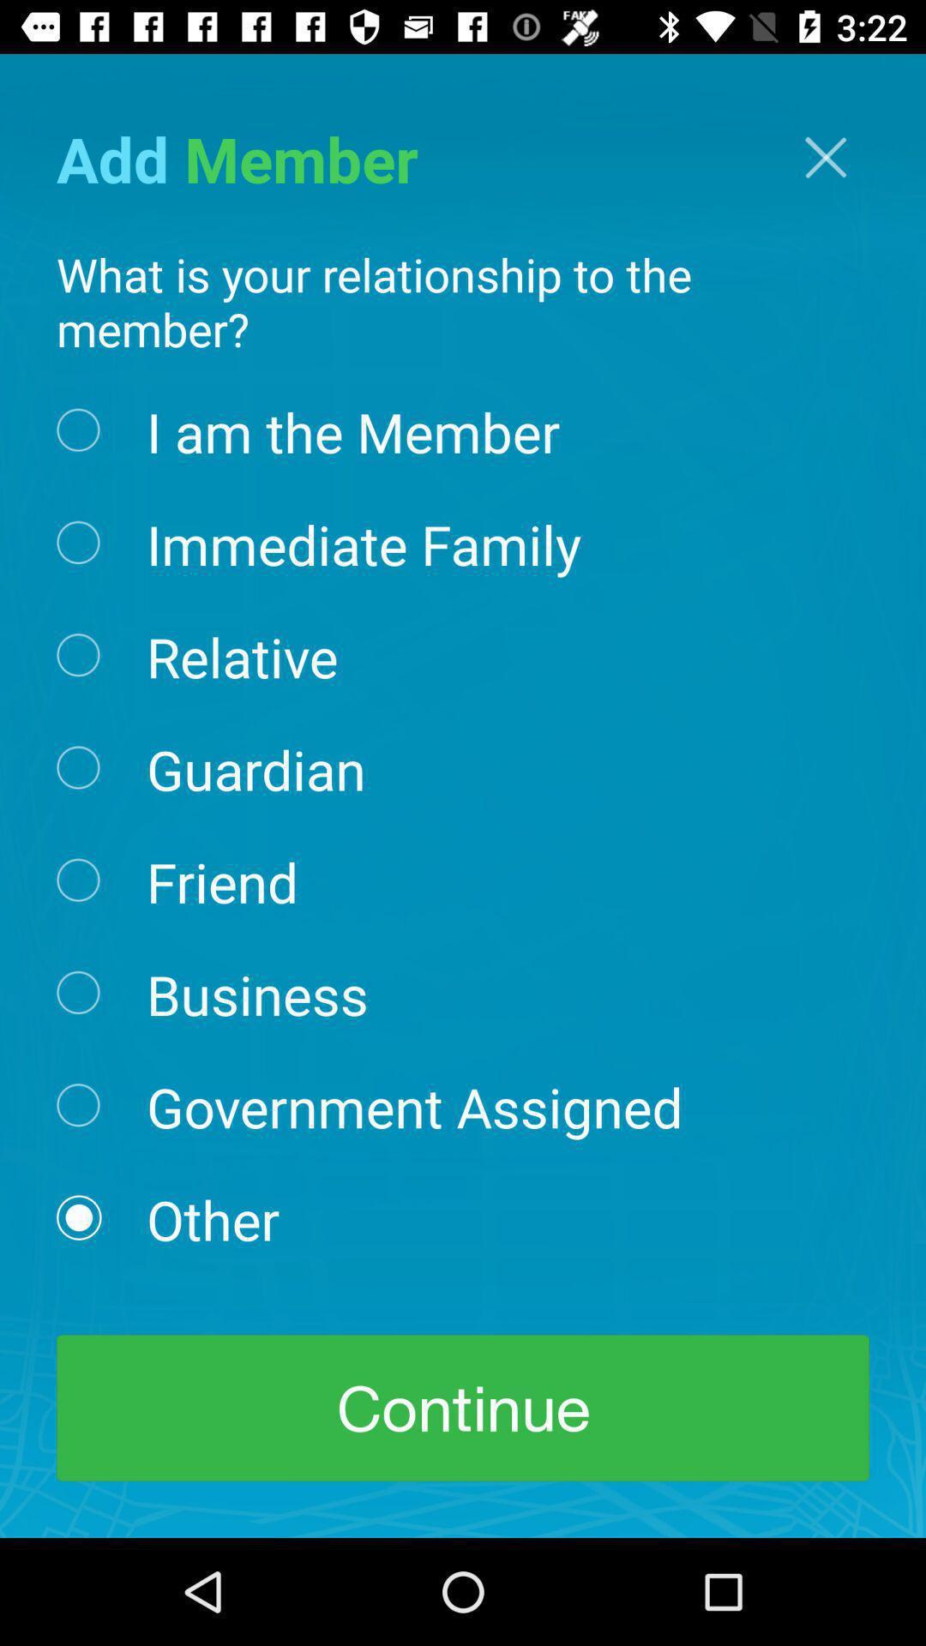  Describe the element at coordinates (825, 157) in the screenshot. I see `click close option` at that location.